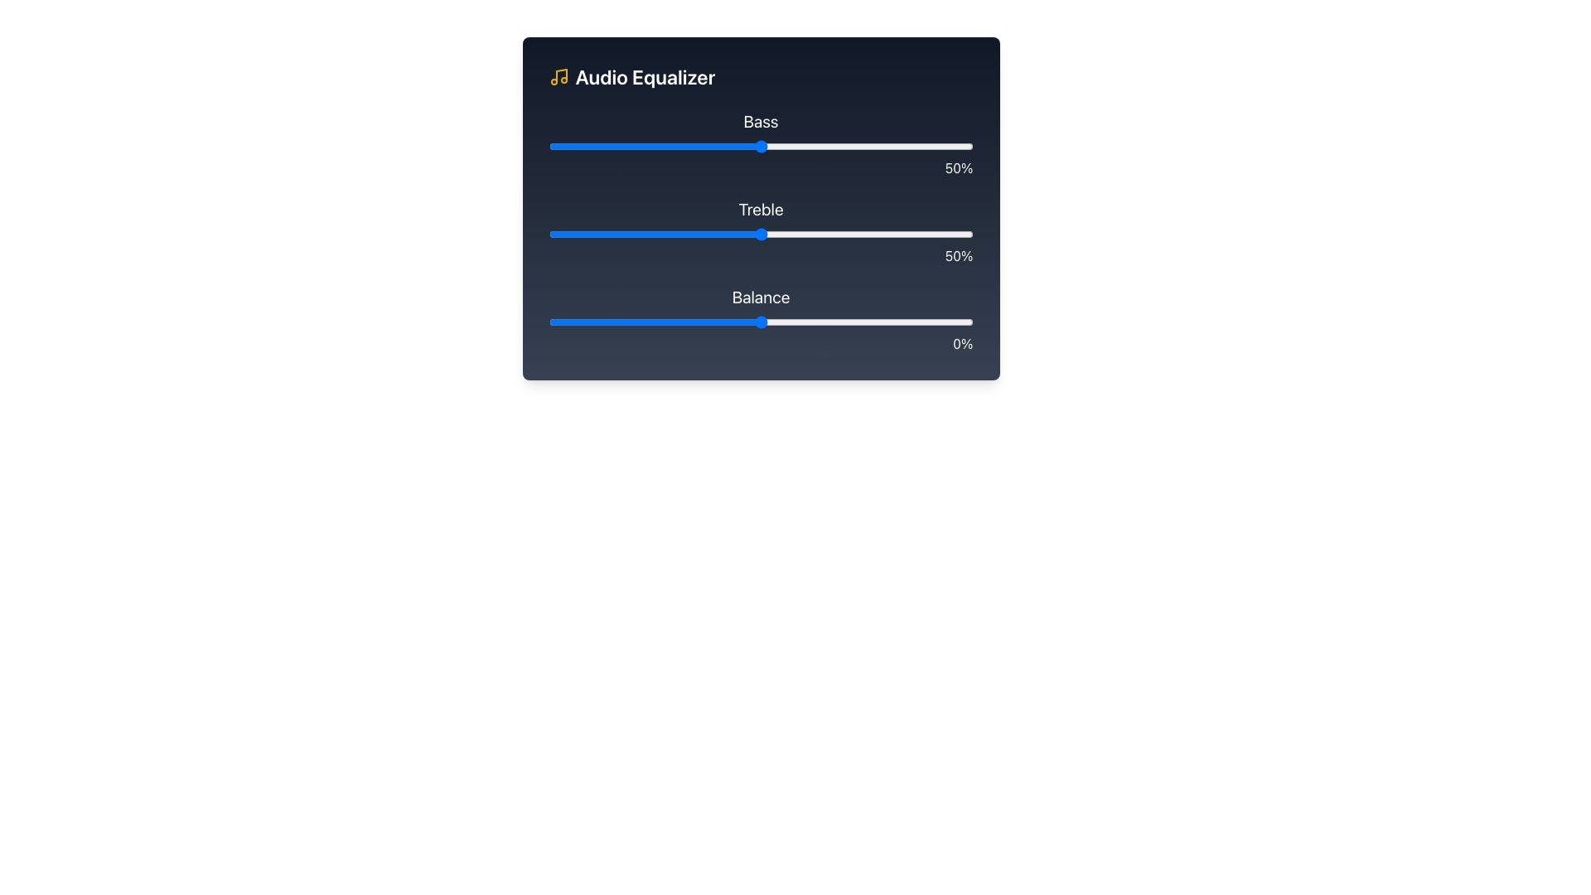  Describe the element at coordinates (710, 322) in the screenshot. I see `balance` at that location.